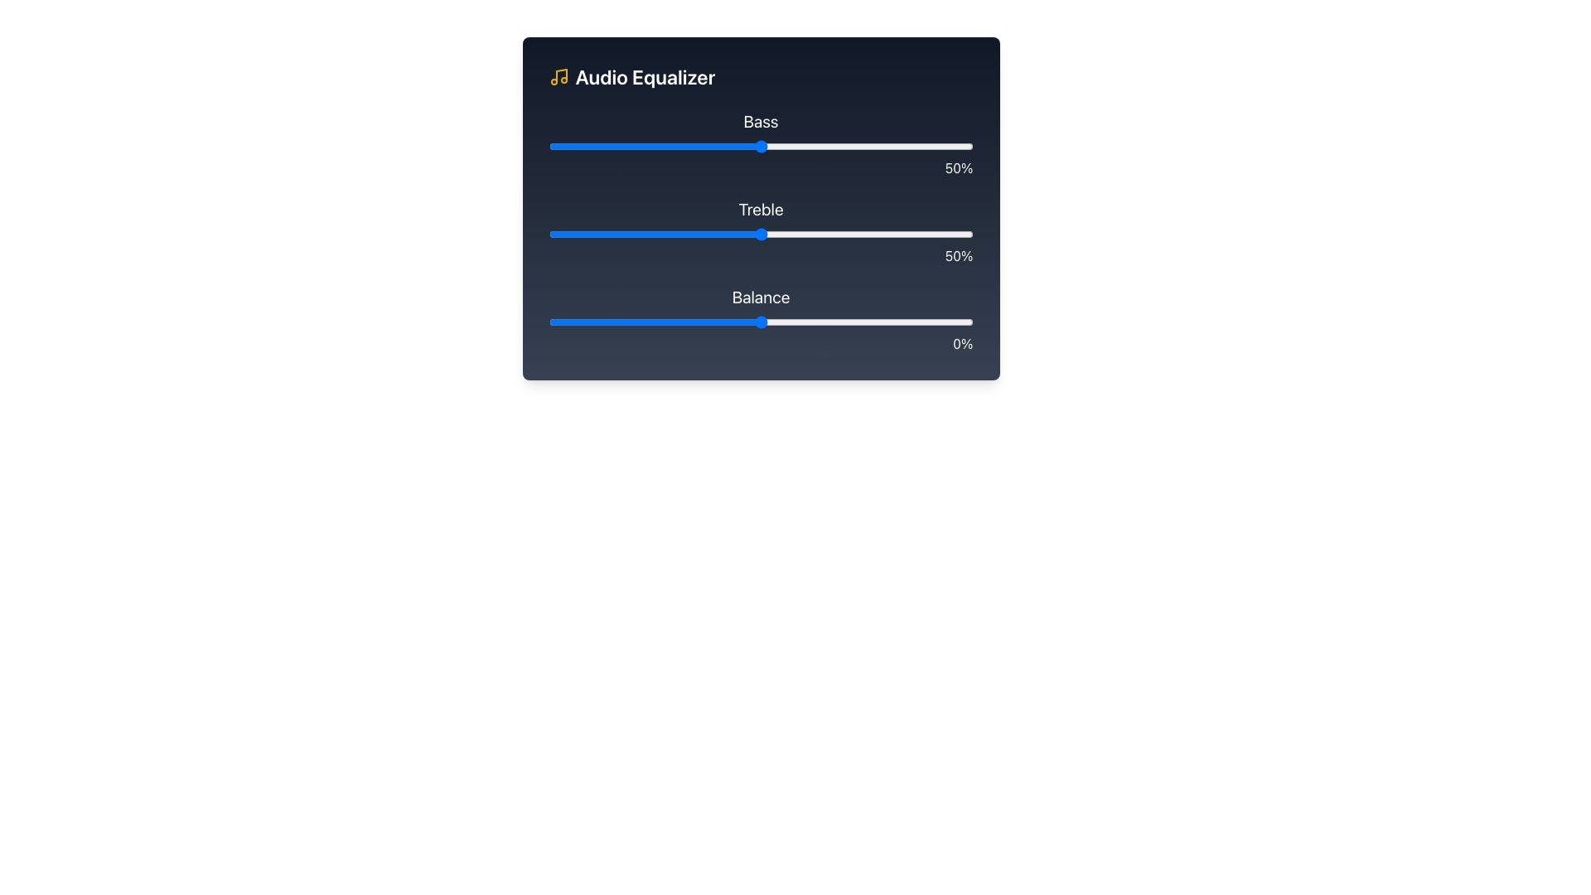  Describe the element at coordinates (710, 322) in the screenshot. I see `balance` at that location.